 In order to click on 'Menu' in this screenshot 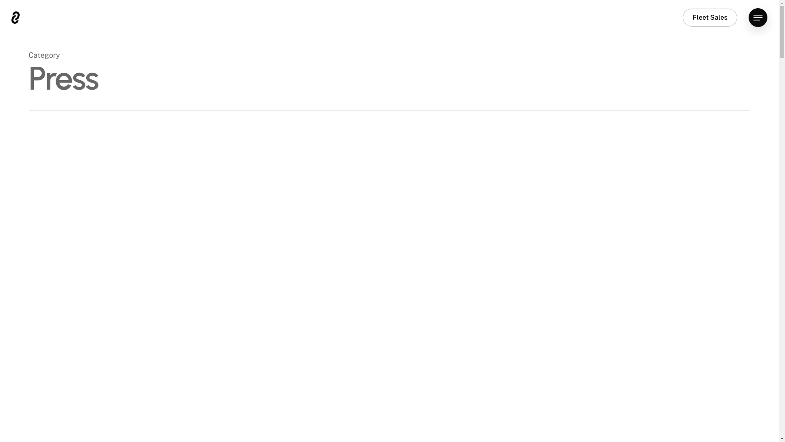, I will do `click(757, 17)`.